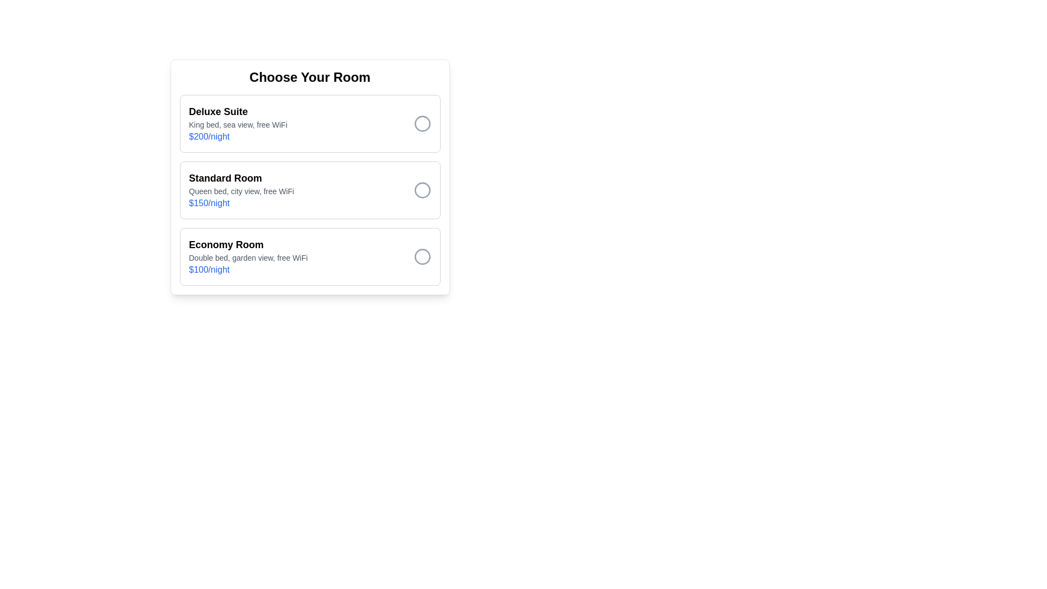  Describe the element at coordinates (240, 189) in the screenshot. I see `the text element displaying 'Standard Room', which includes the features 'Queen bed, city view, free WiFi,' and the pricing '$150/night'` at that location.